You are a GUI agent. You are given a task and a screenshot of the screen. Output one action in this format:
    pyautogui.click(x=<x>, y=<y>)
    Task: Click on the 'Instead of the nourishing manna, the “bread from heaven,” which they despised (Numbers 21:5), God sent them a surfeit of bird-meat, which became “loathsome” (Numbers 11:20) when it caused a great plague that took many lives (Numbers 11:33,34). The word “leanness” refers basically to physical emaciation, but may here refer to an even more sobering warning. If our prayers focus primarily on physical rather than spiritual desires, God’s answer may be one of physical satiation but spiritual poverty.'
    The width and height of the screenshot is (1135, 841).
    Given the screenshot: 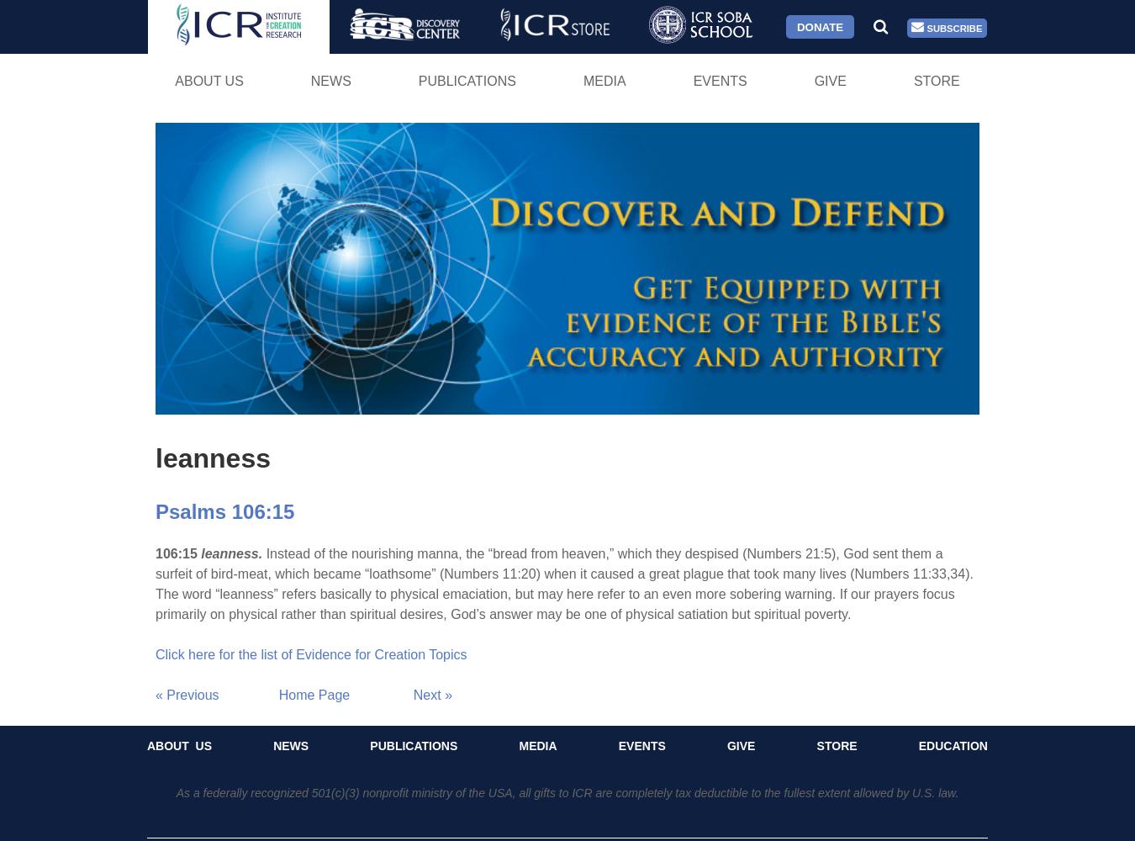 What is the action you would take?
    pyautogui.click(x=563, y=582)
    